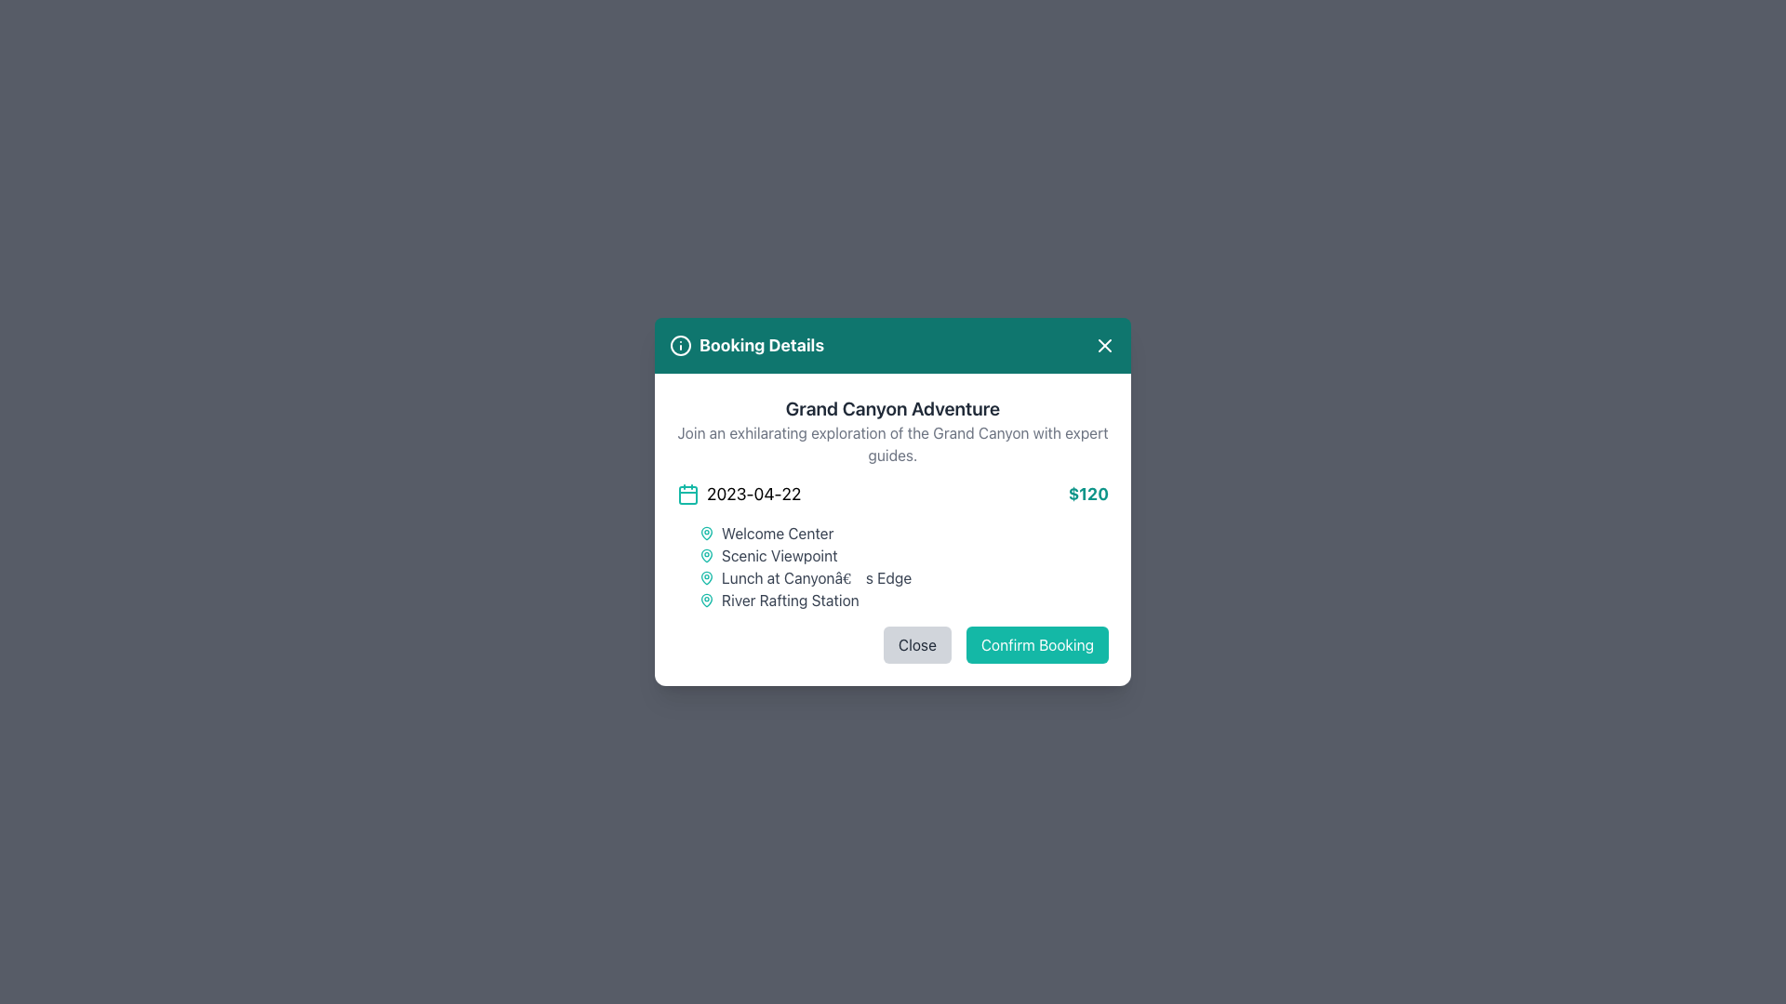 The image size is (1786, 1004). What do you see at coordinates (1105, 345) in the screenshot?
I see `the close button located in the top-right corner of the 'Booking Details' modal` at bounding box center [1105, 345].